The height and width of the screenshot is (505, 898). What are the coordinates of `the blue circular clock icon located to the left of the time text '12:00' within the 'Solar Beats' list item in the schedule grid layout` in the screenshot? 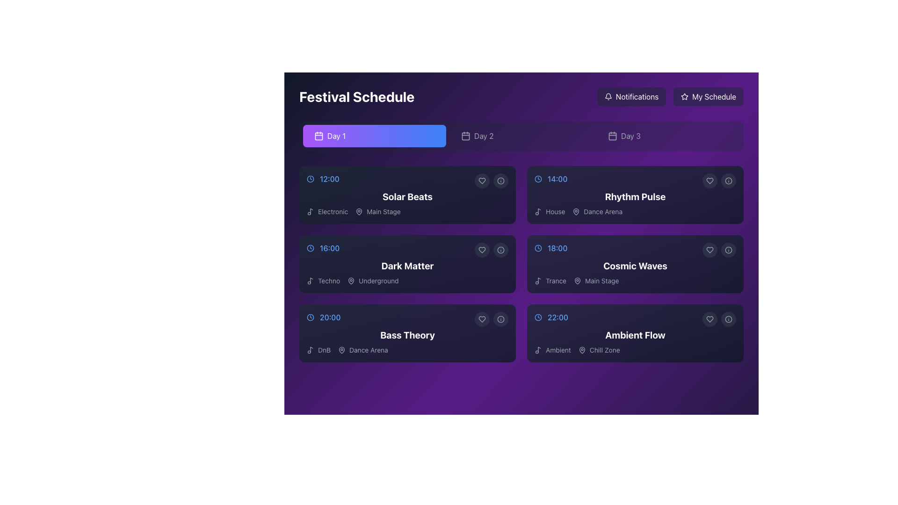 It's located at (310, 179).